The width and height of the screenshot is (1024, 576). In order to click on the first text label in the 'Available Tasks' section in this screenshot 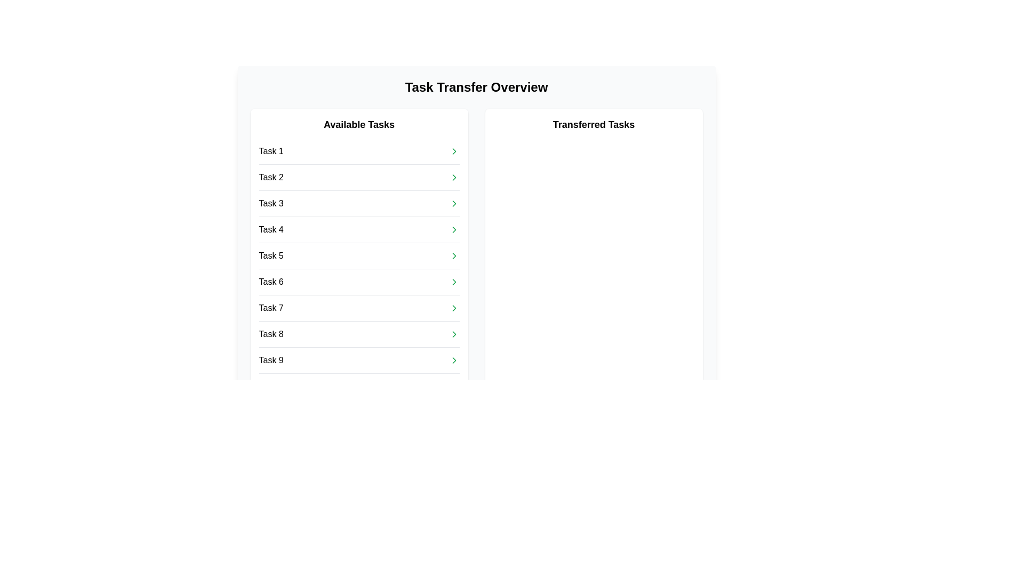, I will do `click(271, 151)`.